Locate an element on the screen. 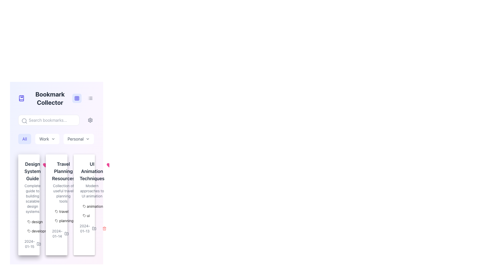  the 'Bookmark Collector' label at the top of the interface, which is styled prominently in bold, dark text is located at coordinates (57, 98).